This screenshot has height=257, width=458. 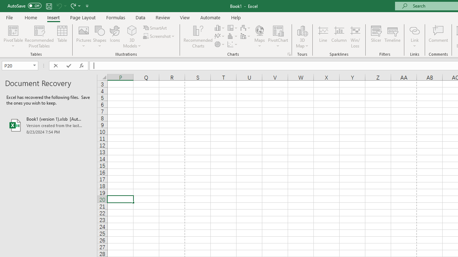 I want to click on 'Insert Hierarchy Chart', so click(x=233, y=27).